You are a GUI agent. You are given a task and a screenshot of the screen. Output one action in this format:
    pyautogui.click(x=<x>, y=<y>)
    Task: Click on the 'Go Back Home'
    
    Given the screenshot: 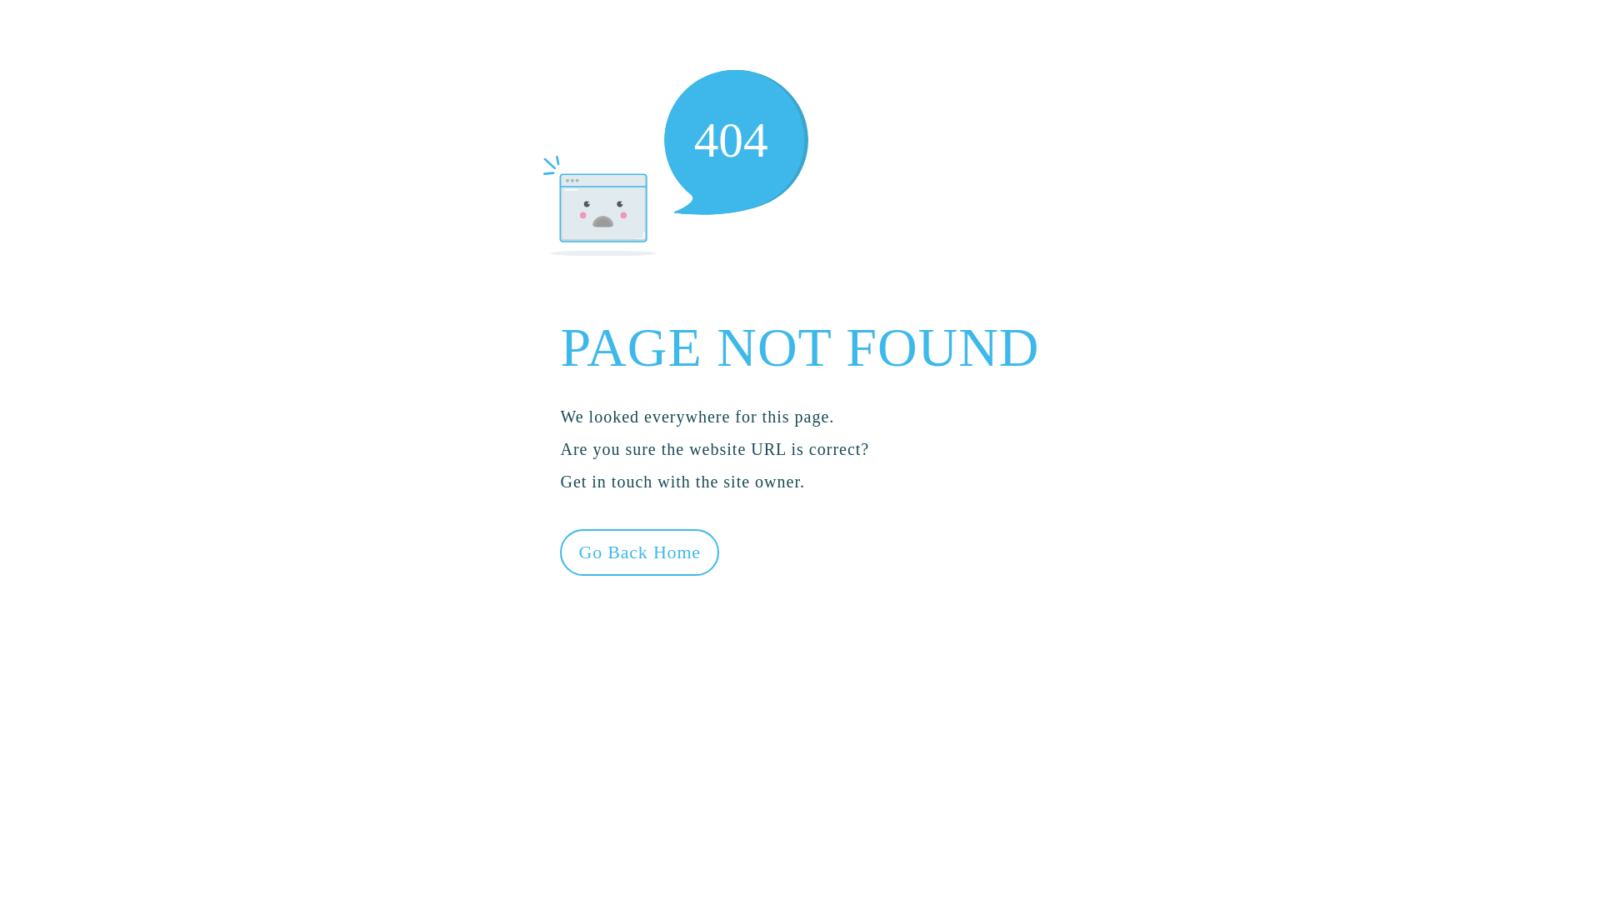 What is the action you would take?
    pyautogui.click(x=638, y=552)
    